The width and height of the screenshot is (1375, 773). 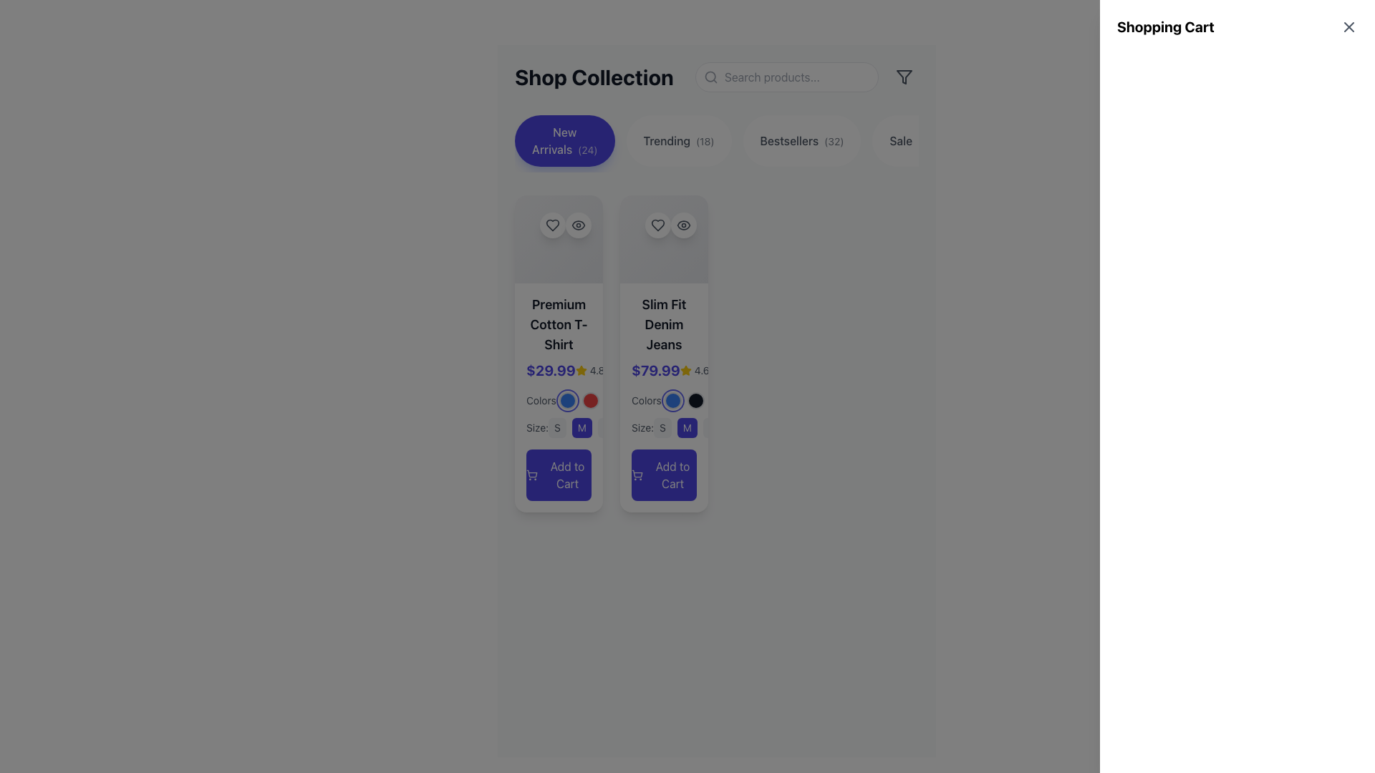 I want to click on the button labeled 'S', which is the first button in a list of size options, so click(x=663, y=427).